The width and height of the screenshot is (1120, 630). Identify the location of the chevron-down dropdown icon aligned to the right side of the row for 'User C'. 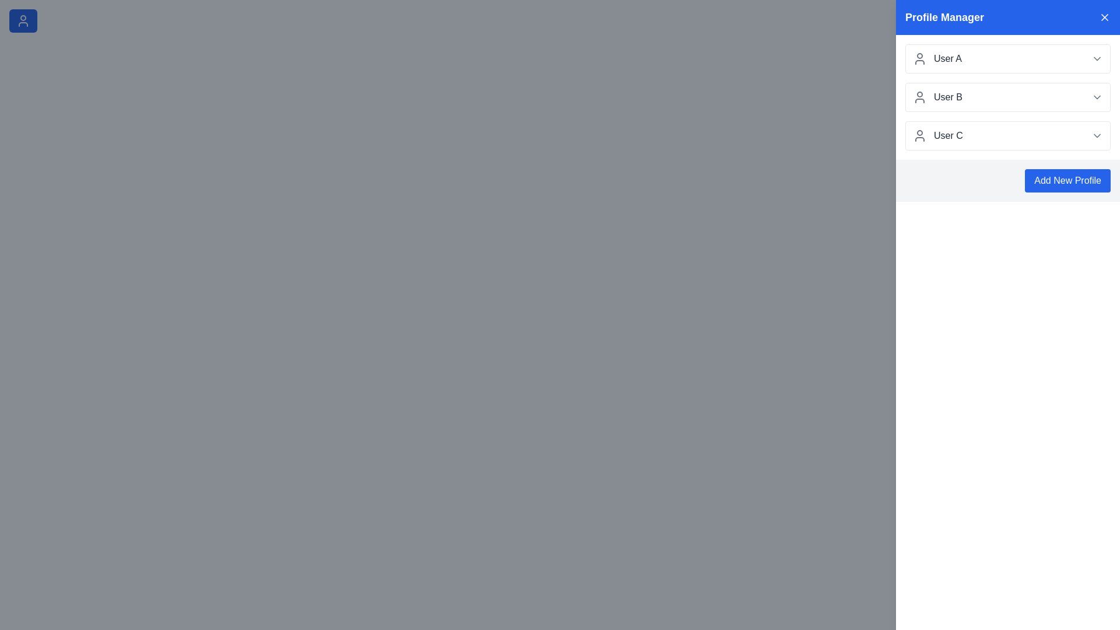
(1097, 135).